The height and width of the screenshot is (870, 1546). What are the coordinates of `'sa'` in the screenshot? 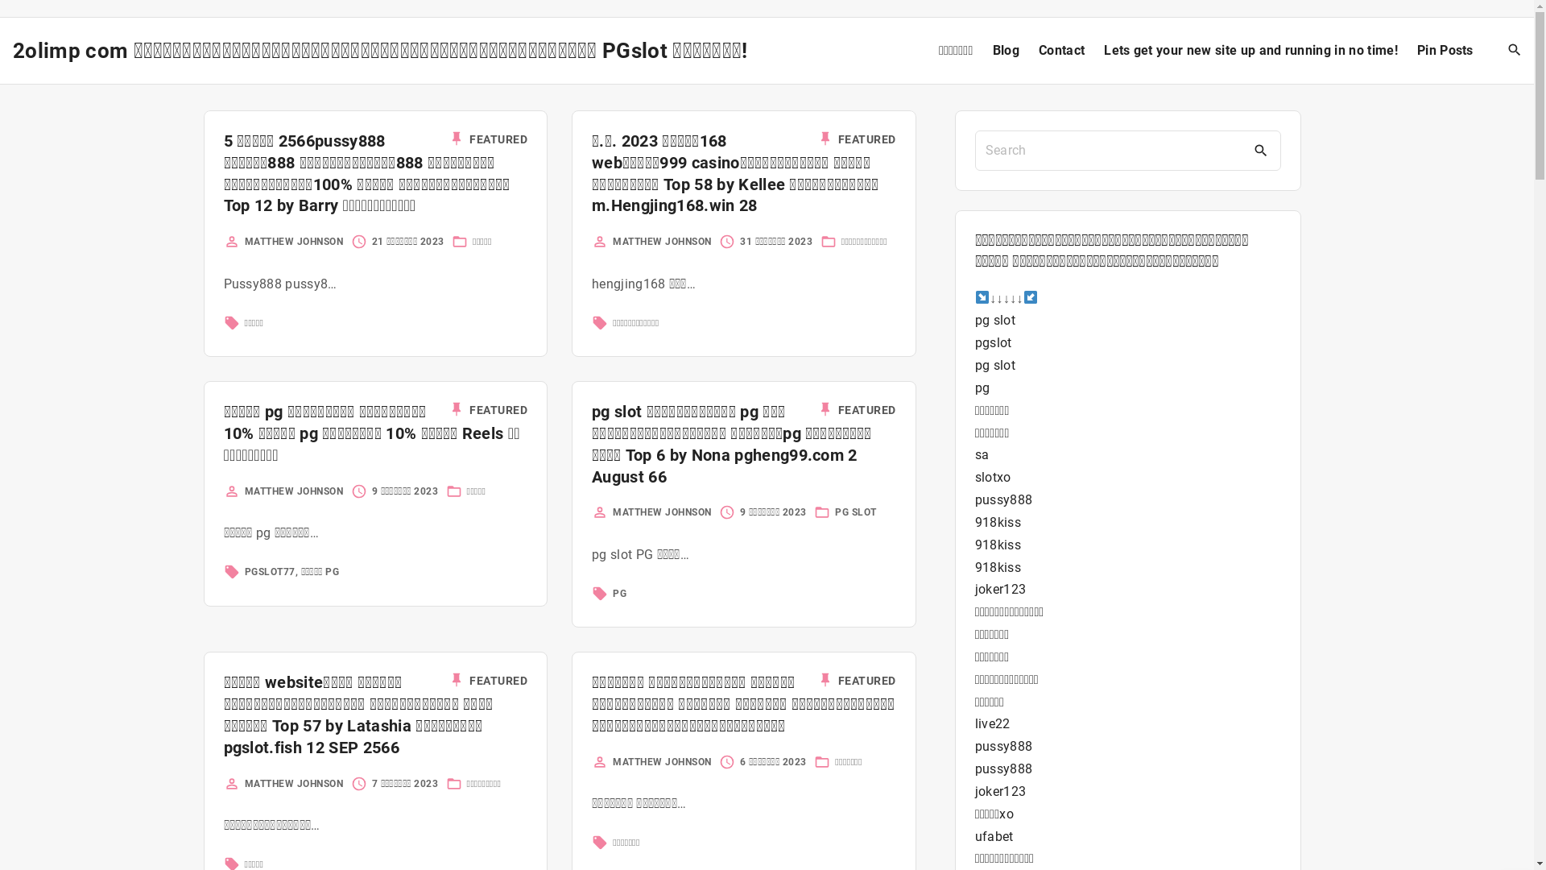 It's located at (981, 454).